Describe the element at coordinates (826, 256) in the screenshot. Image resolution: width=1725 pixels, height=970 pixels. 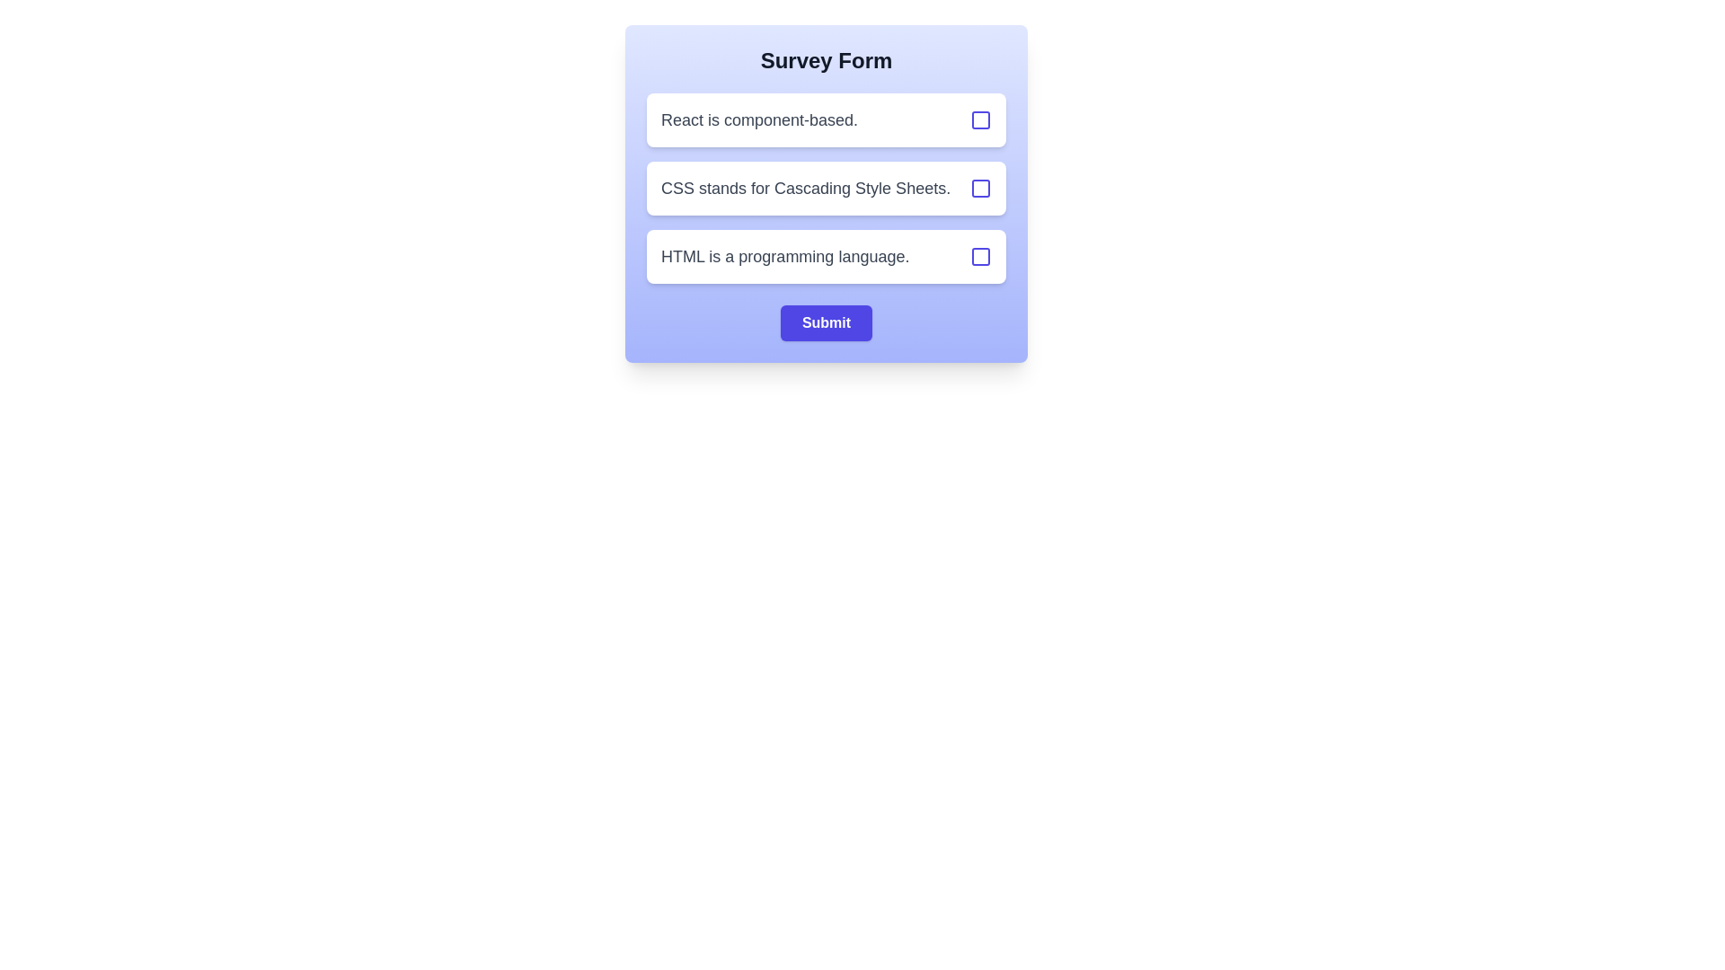
I see `the option with text 'HTML is a programming language.' to observe its hover effect` at that location.